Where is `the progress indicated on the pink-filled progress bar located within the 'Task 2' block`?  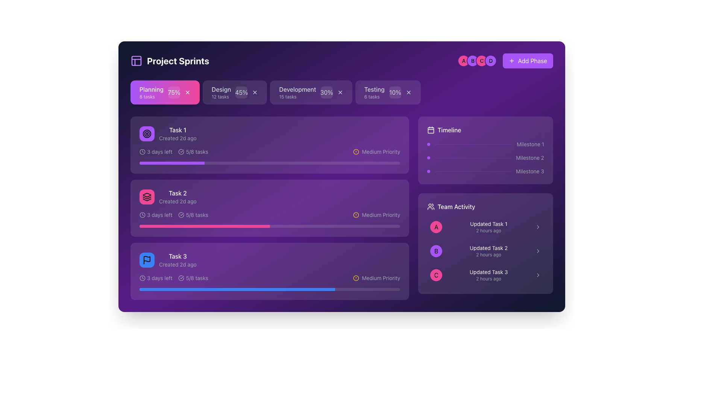
the progress indicated on the pink-filled progress bar located within the 'Task 2' block is located at coordinates (270, 226).